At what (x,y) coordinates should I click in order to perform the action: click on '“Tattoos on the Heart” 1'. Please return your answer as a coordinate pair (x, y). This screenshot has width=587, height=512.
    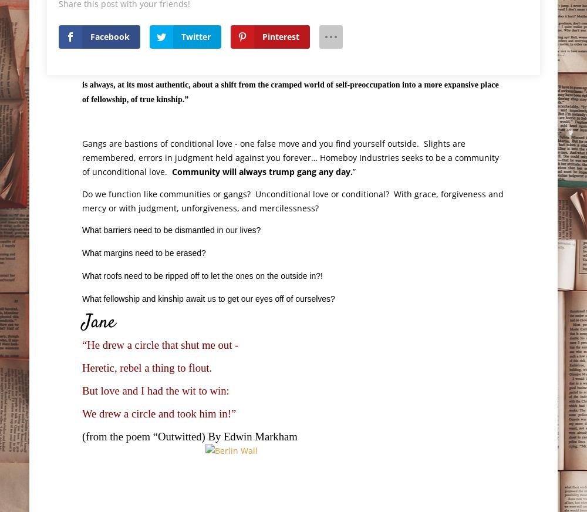
    Looking at the image, I should click on (319, 257).